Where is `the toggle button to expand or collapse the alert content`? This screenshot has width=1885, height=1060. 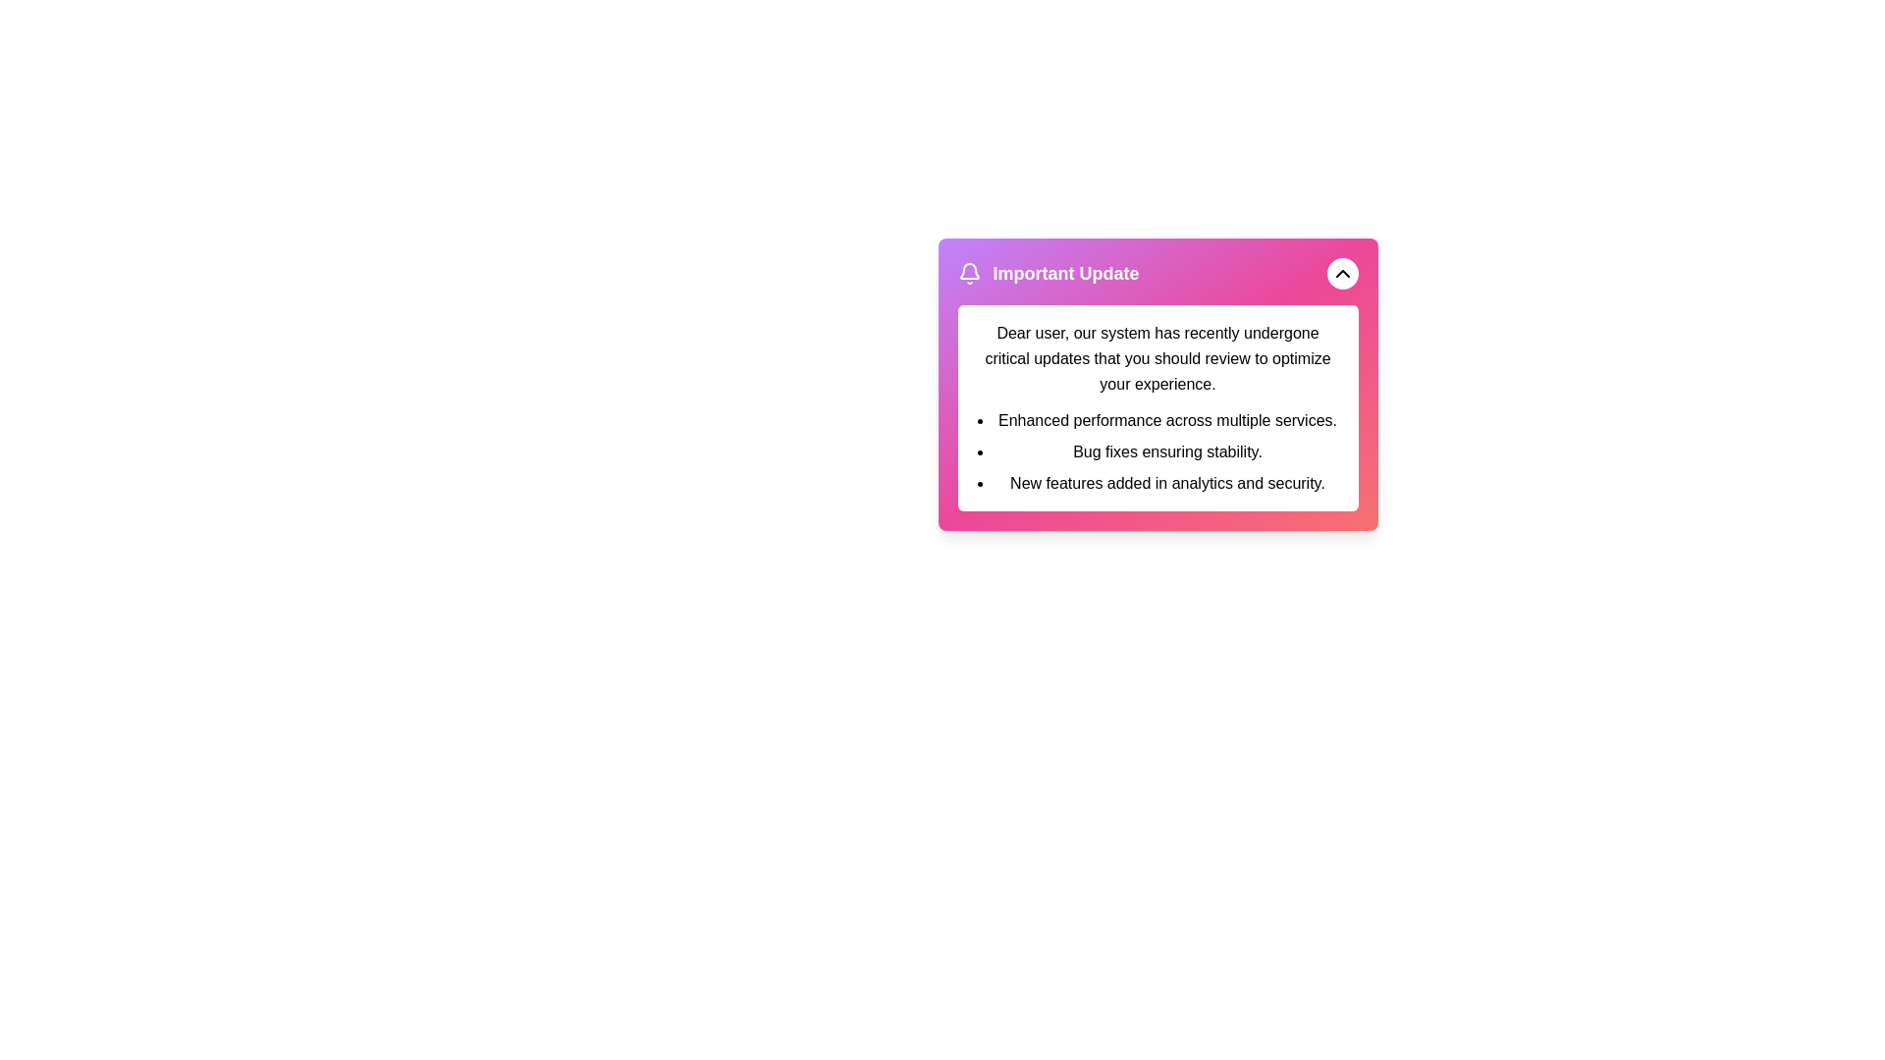
the toggle button to expand or collapse the alert content is located at coordinates (1341, 273).